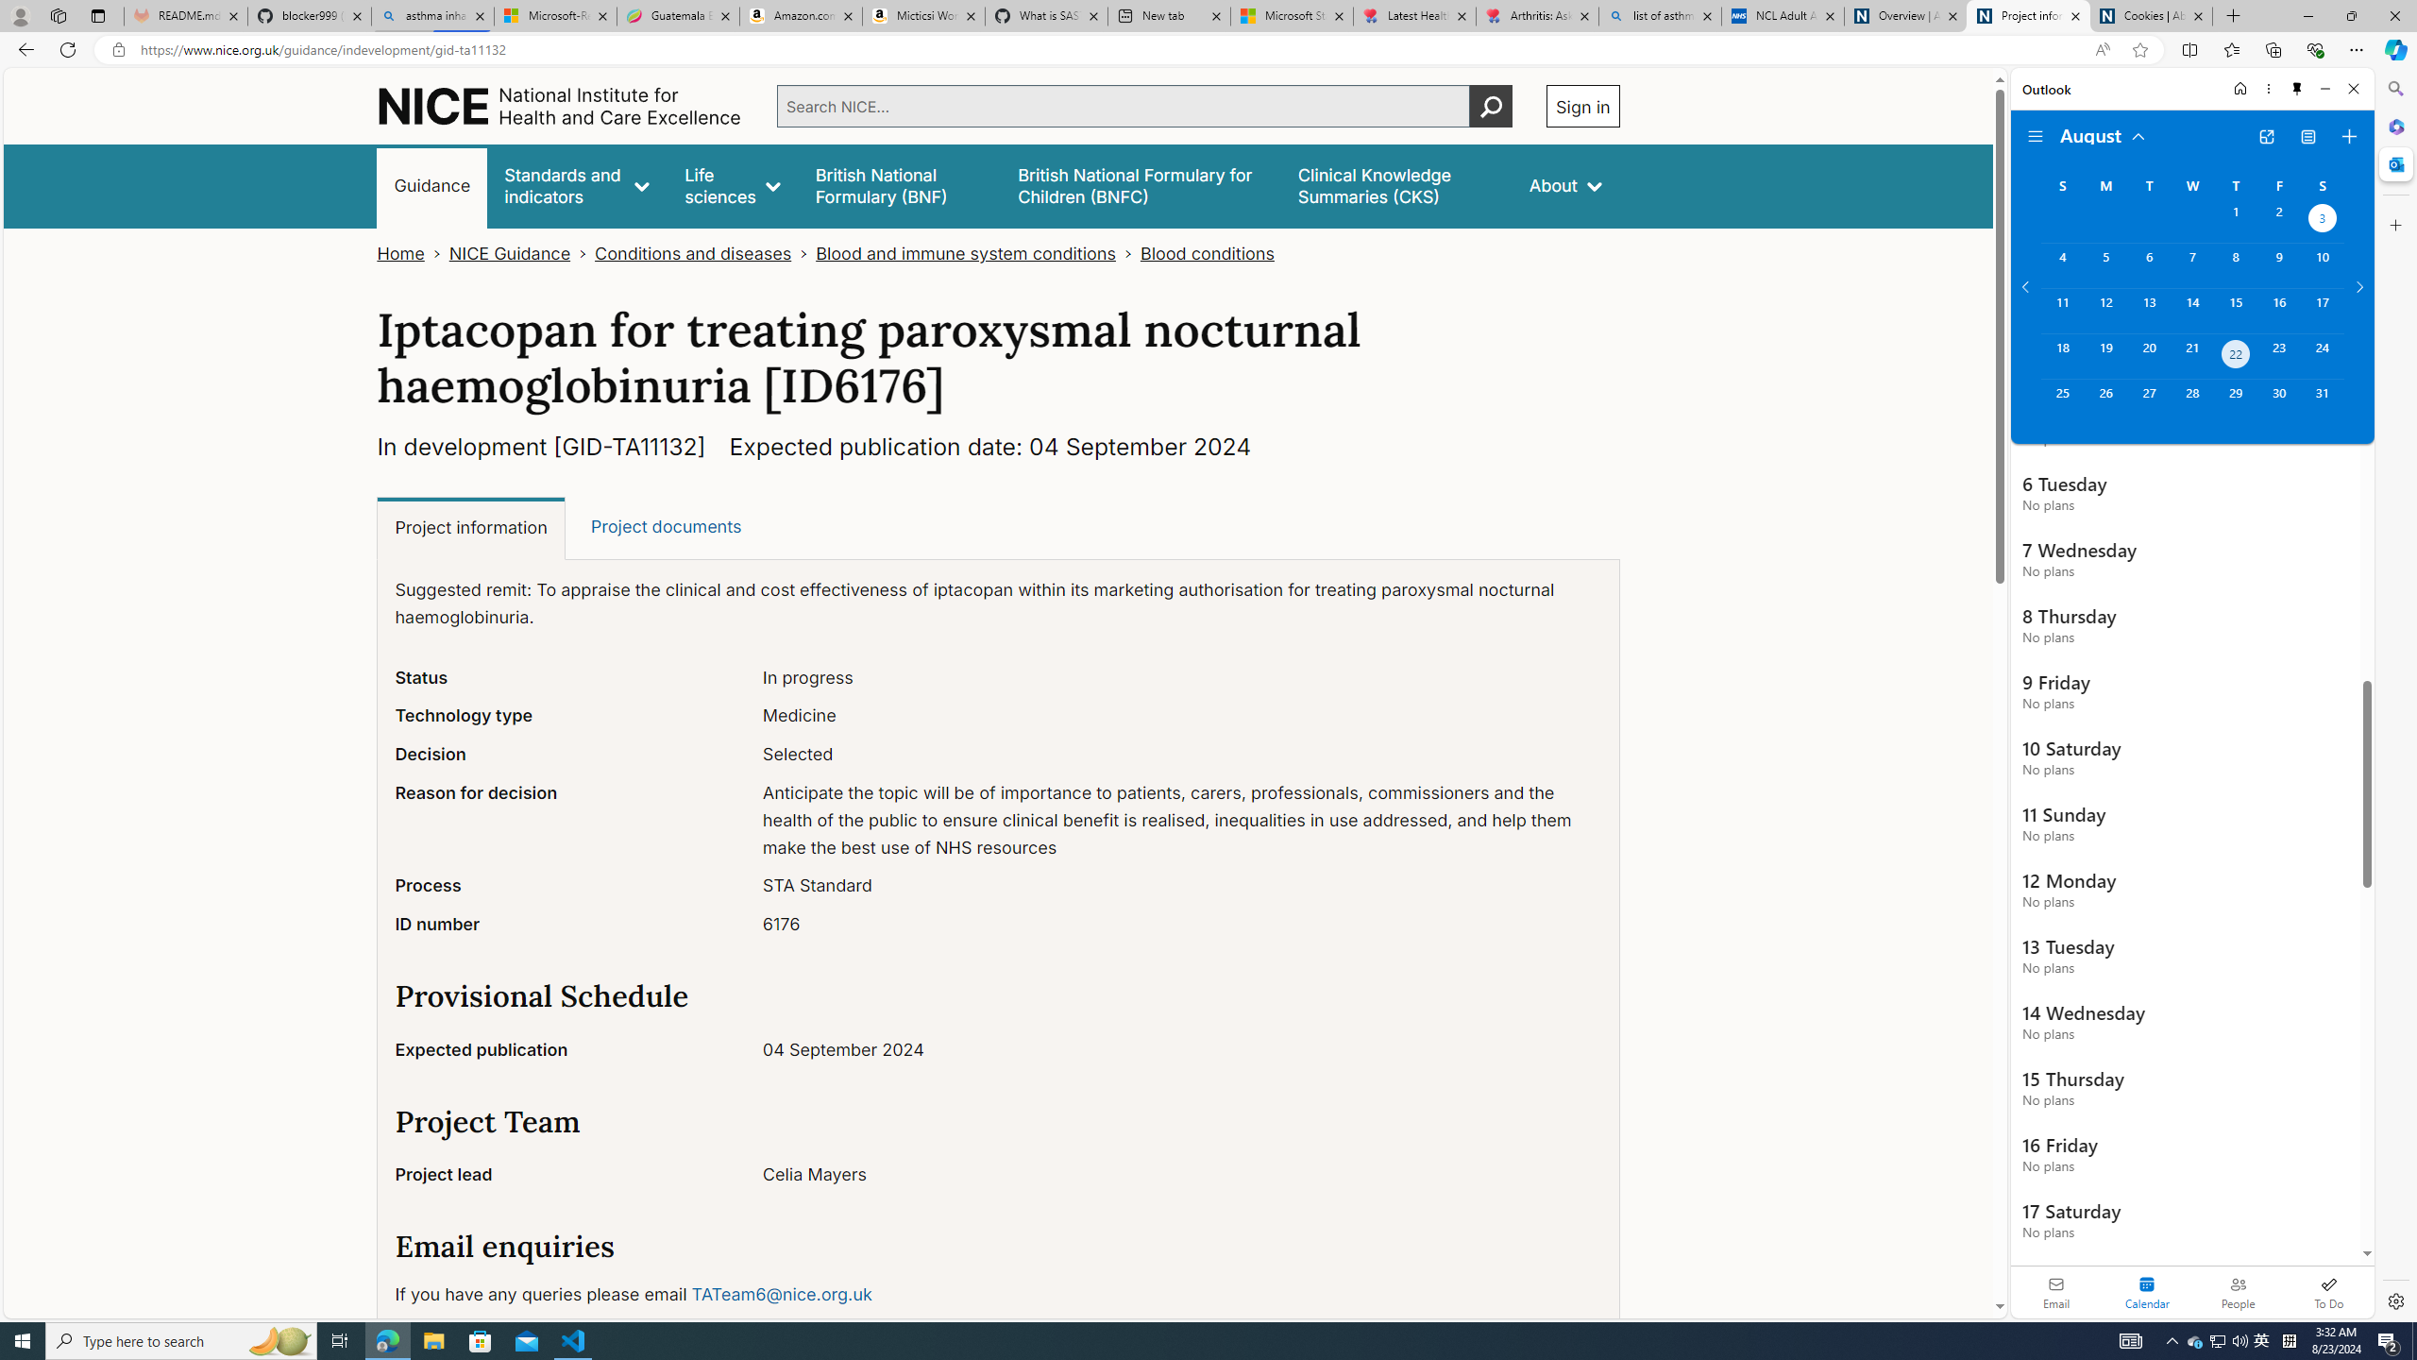 The height and width of the screenshot is (1360, 2417). Describe the element at coordinates (2062, 264) in the screenshot. I see `'Sunday, August 4, 2024. '` at that location.